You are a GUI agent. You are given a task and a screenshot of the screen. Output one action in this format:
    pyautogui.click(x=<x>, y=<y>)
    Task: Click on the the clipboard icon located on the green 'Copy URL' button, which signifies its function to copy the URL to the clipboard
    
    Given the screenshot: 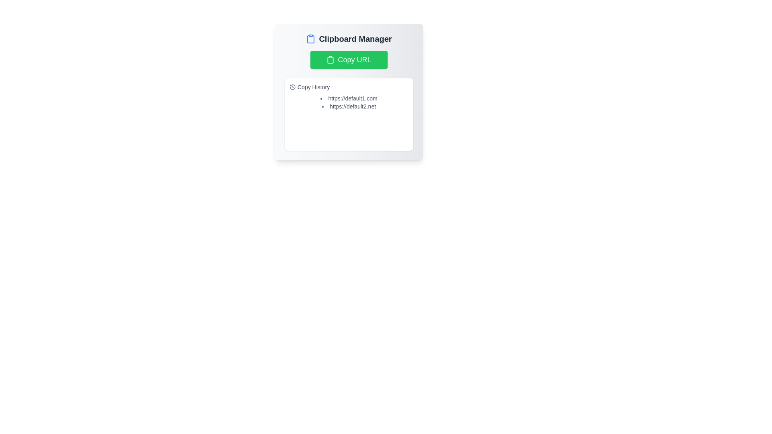 What is the action you would take?
    pyautogui.click(x=331, y=59)
    